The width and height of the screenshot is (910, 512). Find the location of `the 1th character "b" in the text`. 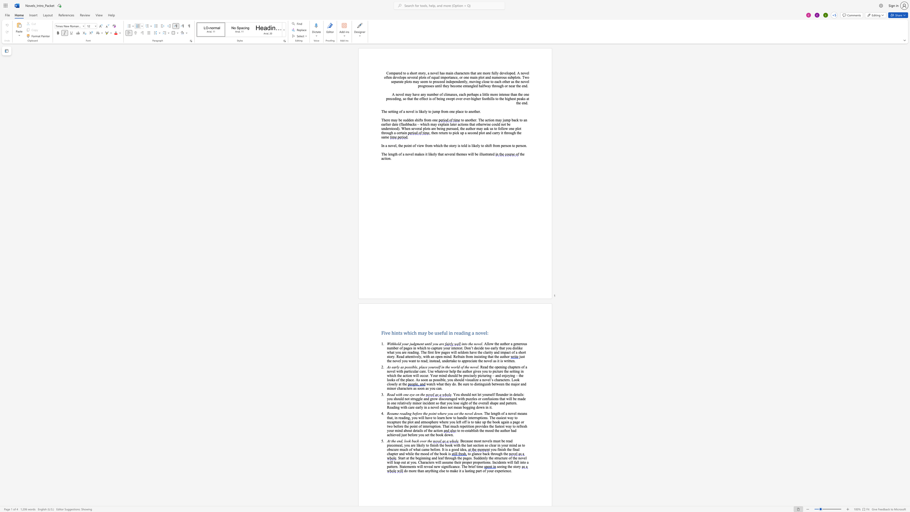

the 1th character "b" in the text is located at coordinates (412, 441).